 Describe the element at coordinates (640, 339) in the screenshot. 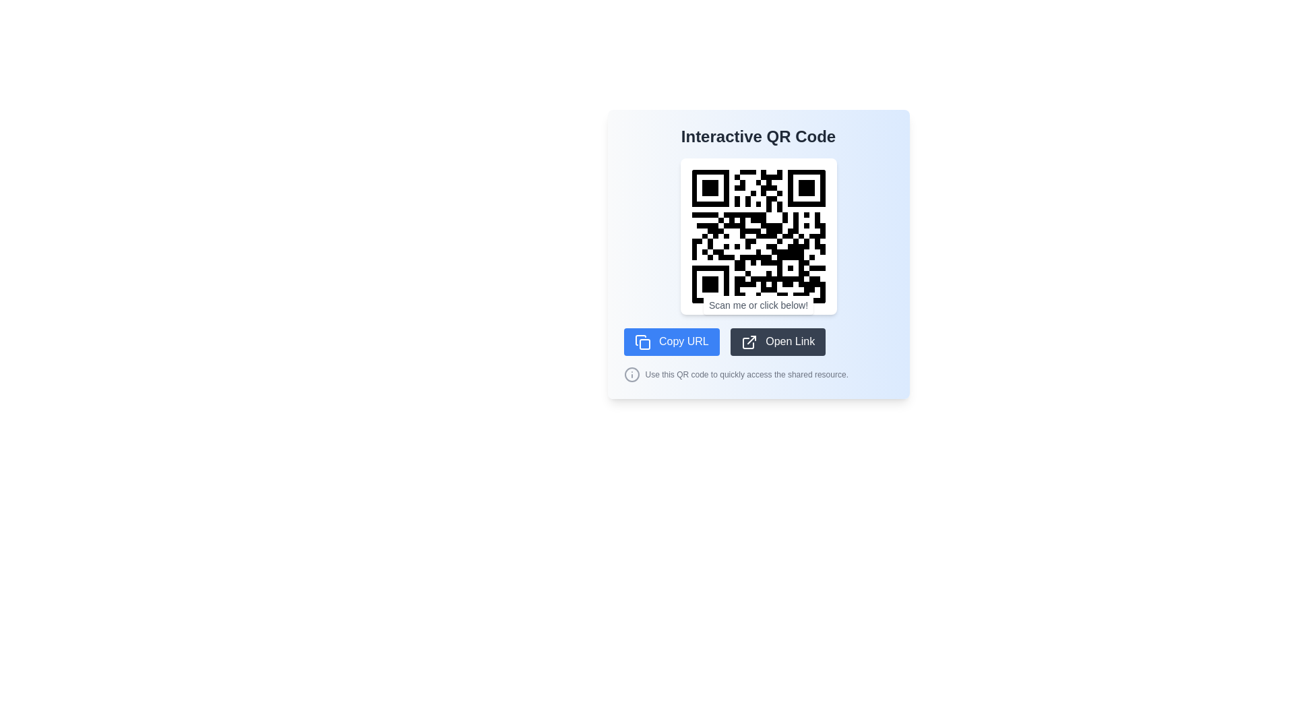

I see `the graphical icon component resembling a rounded rectangular shape, which is part of the copy or duplication-related iconography, located near the top-right corner of the interface` at that location.